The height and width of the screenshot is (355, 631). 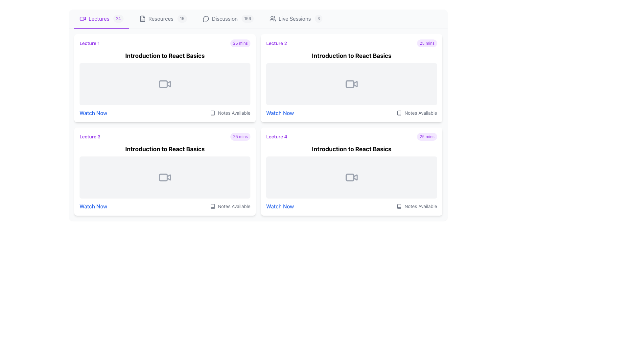 What do you see at coordinates (163, 177) in the screenshot?
I see `the left section of the video icon group, which is represented by an SVG rectangle inside the card for 'Lecture 3: Introduction to React Basics' located in the second row and first column of the lecture grid layout` at bounding box center [163, 177].